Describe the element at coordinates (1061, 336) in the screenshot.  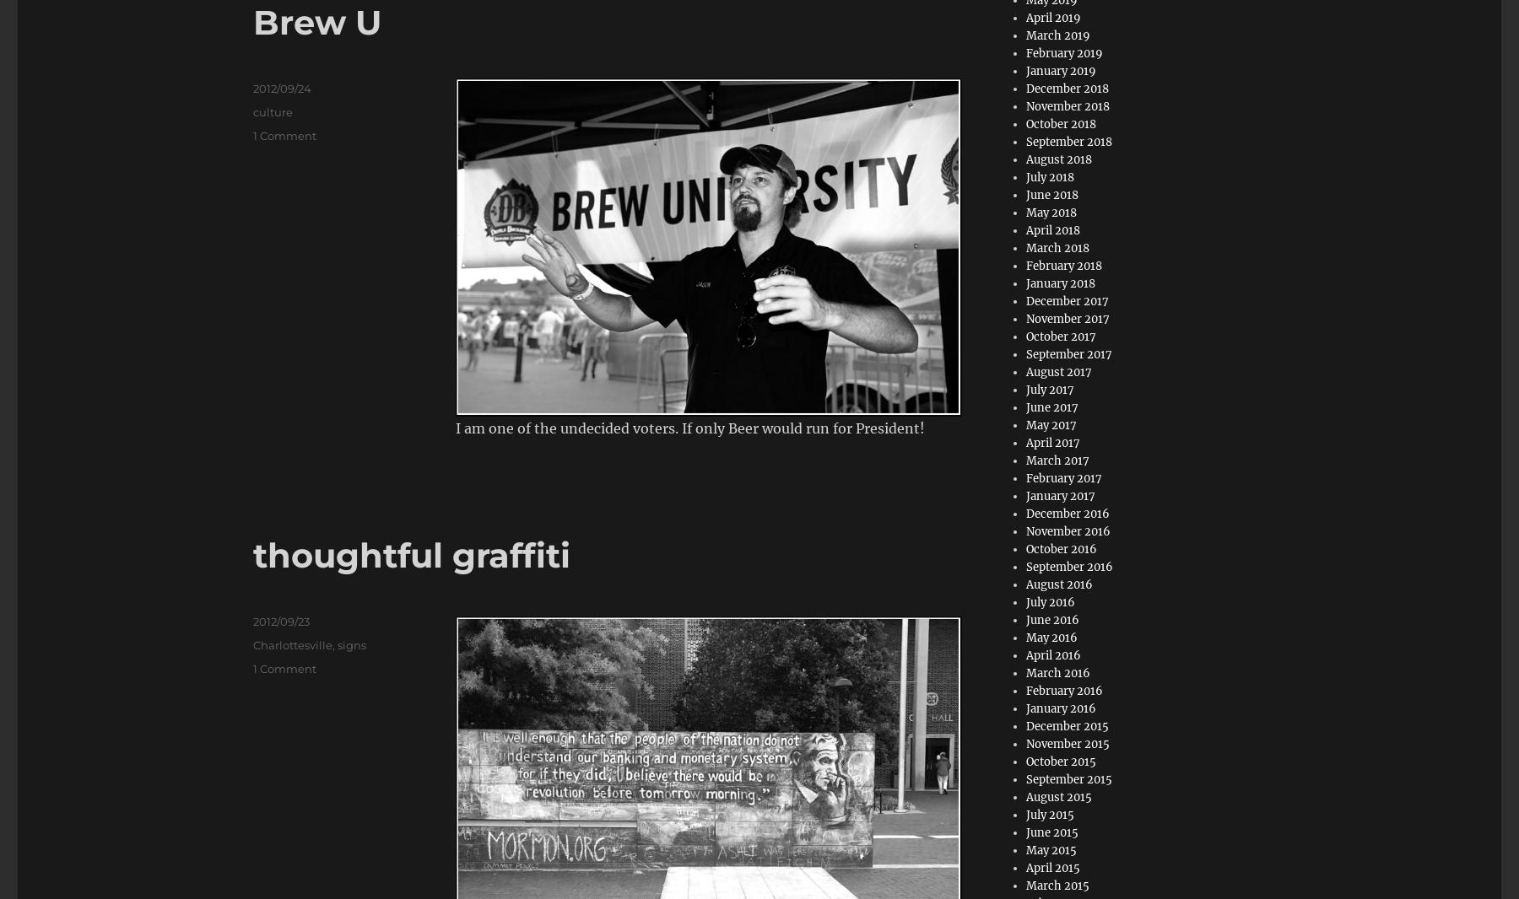
I see `'October 2017'` at that location.